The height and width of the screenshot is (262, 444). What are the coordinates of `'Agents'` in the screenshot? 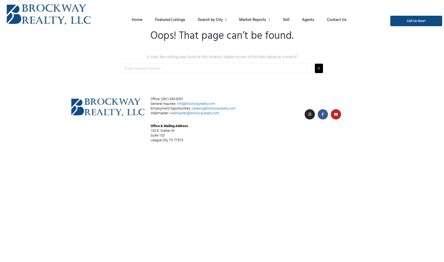 It's located at (308, 19).